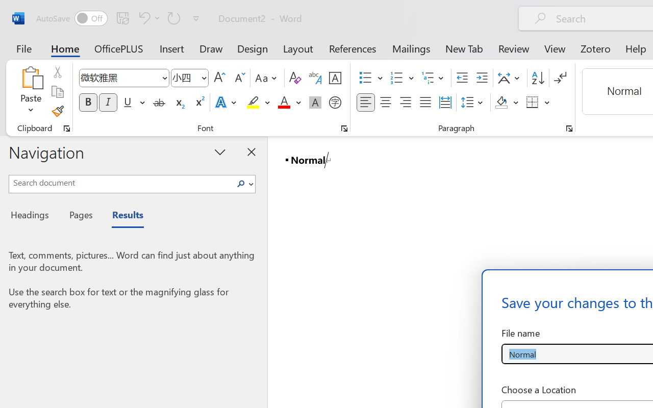 This screenshot has height=408, width=653. I want to click on 'Draw', so click(211, 48).